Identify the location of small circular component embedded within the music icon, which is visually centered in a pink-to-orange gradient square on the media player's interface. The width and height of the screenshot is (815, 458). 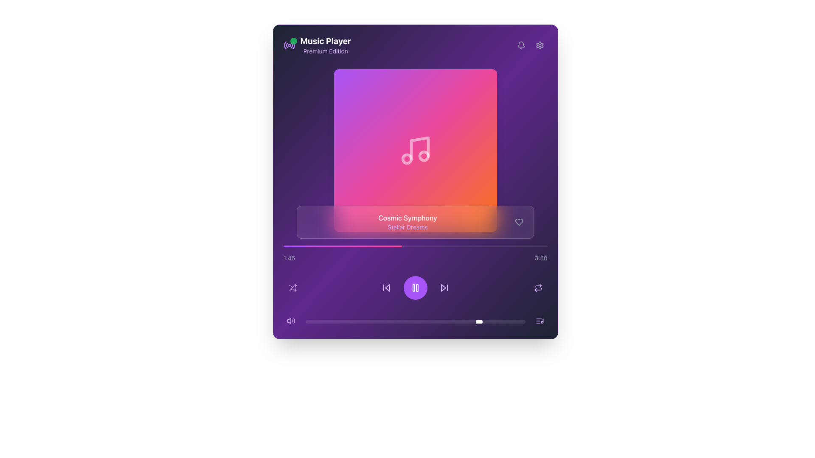
(406, 159).